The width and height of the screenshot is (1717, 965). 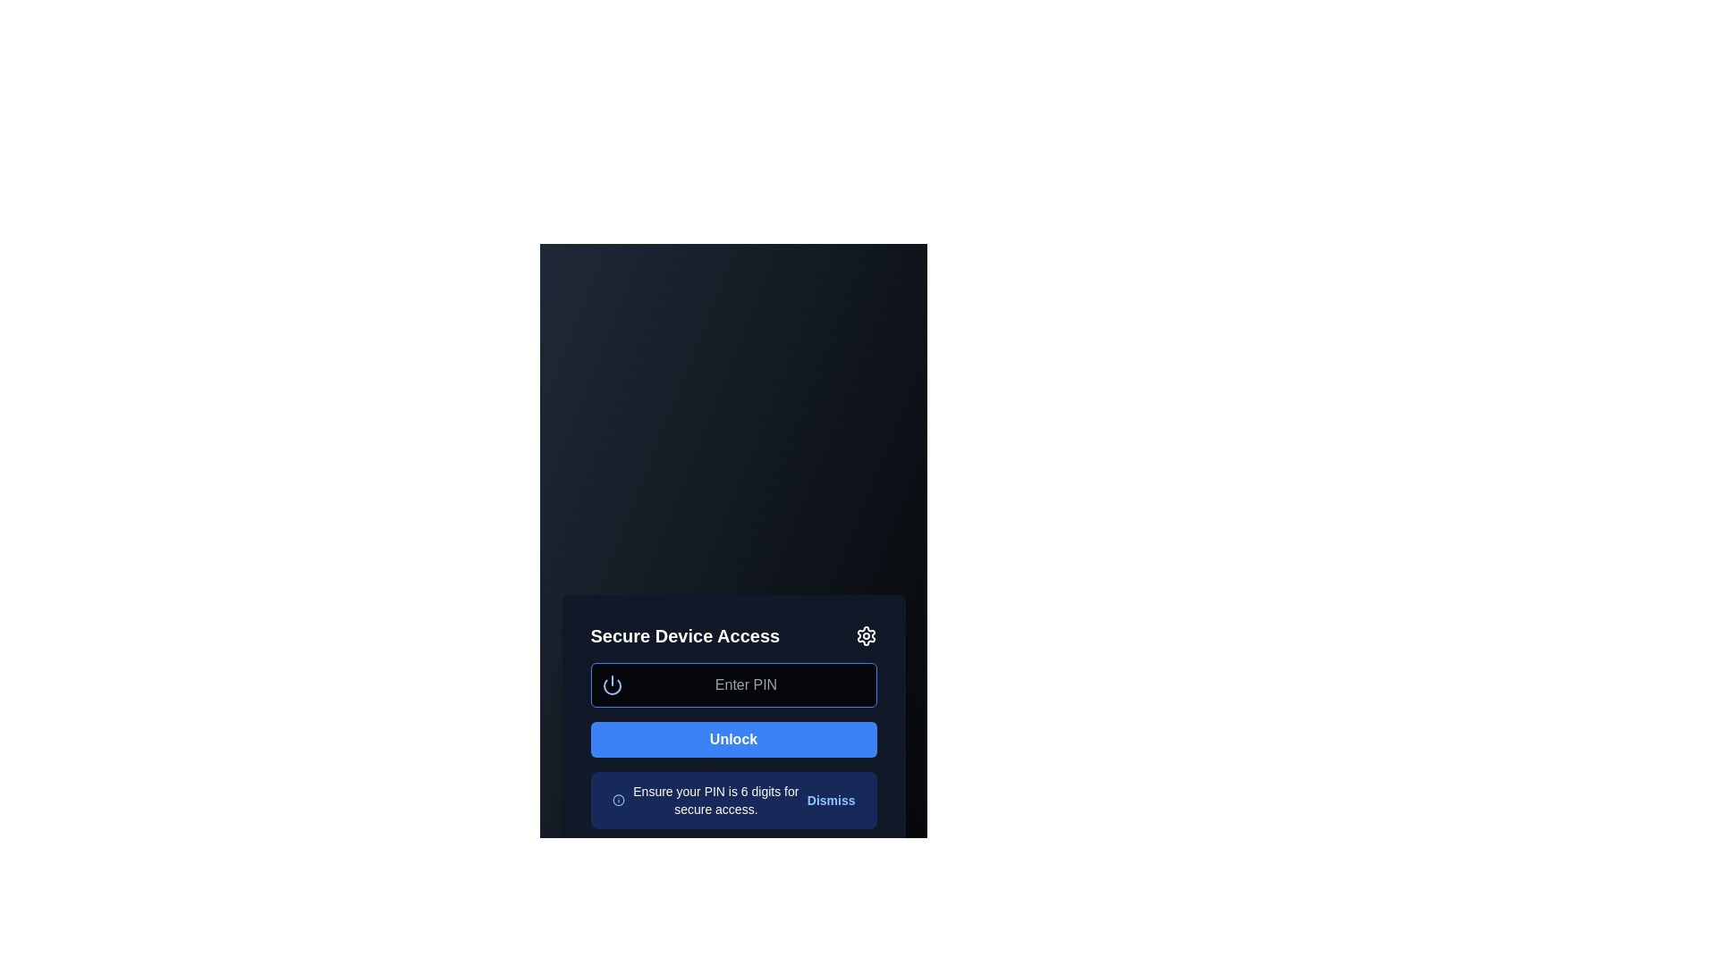 What do you see at coordinates (715, 799) in the screenshot?
I see `the security-related instruction text label located within the notification banner, which is positioned centrally and to the left of the 'Dismiss' button` at bounding box center [715, 799].